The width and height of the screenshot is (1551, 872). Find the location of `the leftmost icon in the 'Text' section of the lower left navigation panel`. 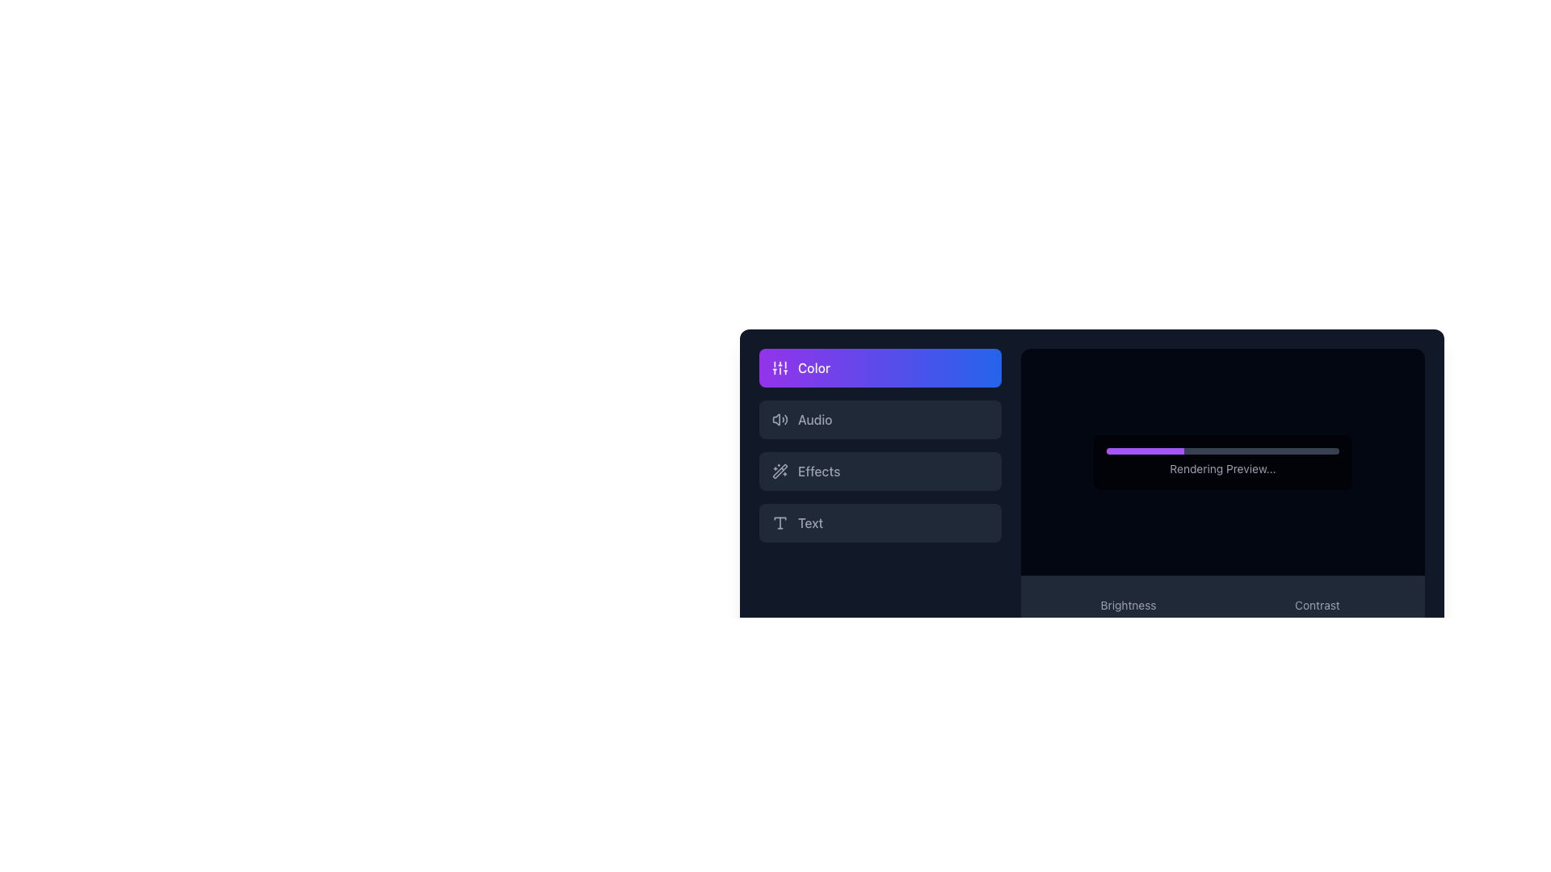

the leftmost icon in the 'Text' section of the lower left navigation panel is located at coordinates (780, 523).